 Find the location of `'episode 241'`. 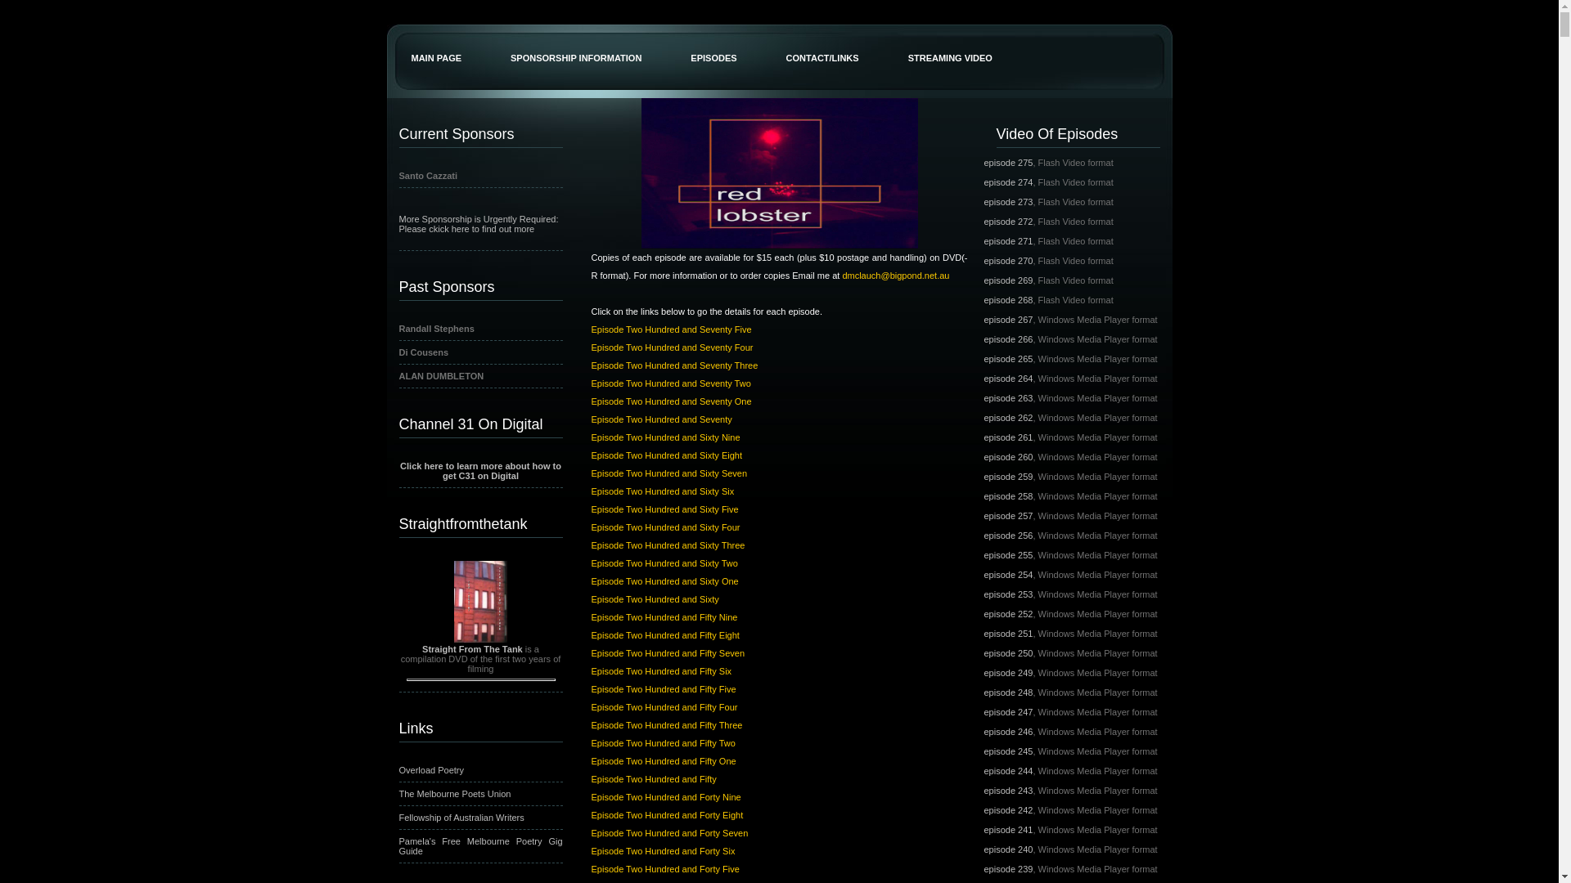

'episode 241' is located at coordinates (982, 829).